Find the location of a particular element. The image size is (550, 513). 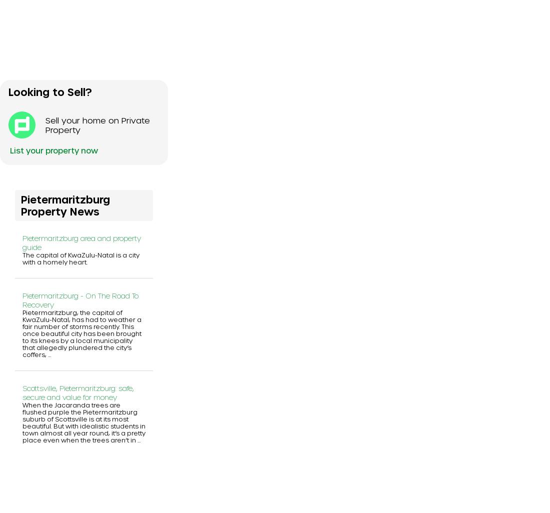

'Pietermaritzburg Property News' is located at coordinates (65, 204).